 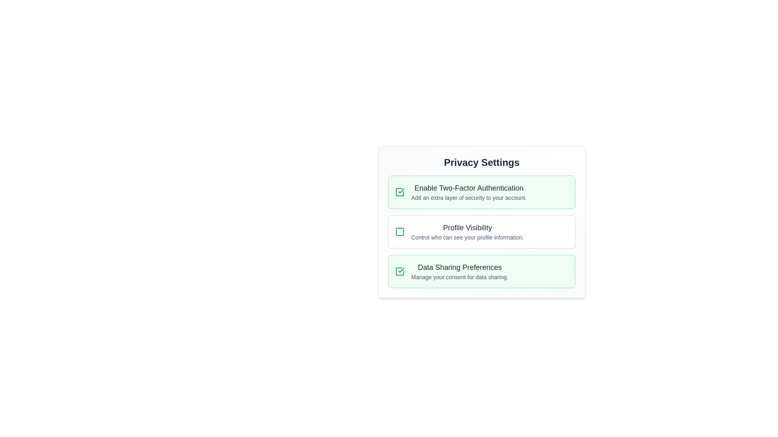 I want to click on the checkbox icon located to the left of the text 'Data Sharing Preferences' in the third section under 'Privacy Settings', so click(x=400, y=272).